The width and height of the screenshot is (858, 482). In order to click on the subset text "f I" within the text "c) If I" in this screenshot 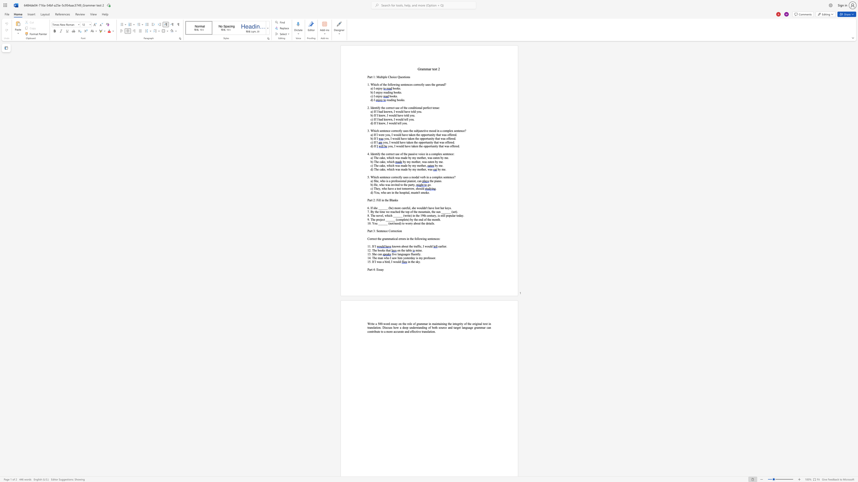, I will do `click(374, 142)`.